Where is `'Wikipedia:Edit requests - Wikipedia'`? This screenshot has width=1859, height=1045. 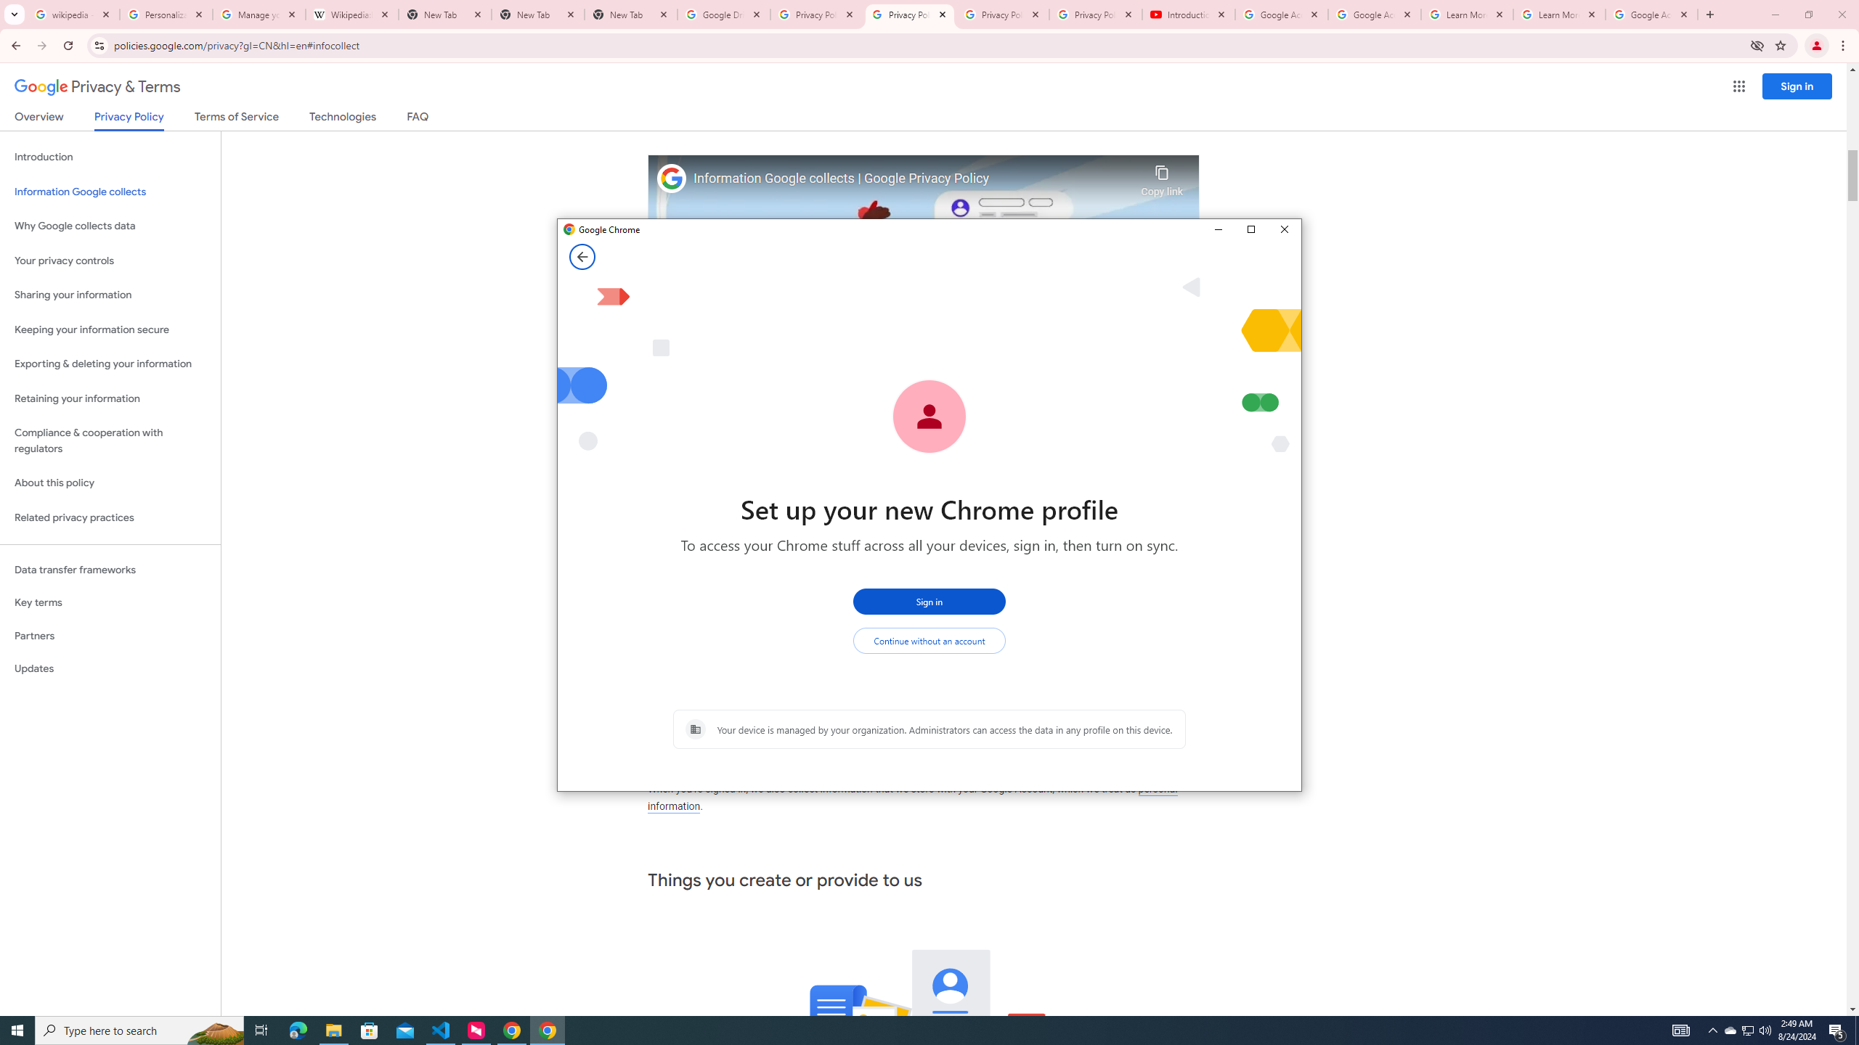
'Wikipedia:Edit requests - Wikipedia' is located at coordinates (352, 14).